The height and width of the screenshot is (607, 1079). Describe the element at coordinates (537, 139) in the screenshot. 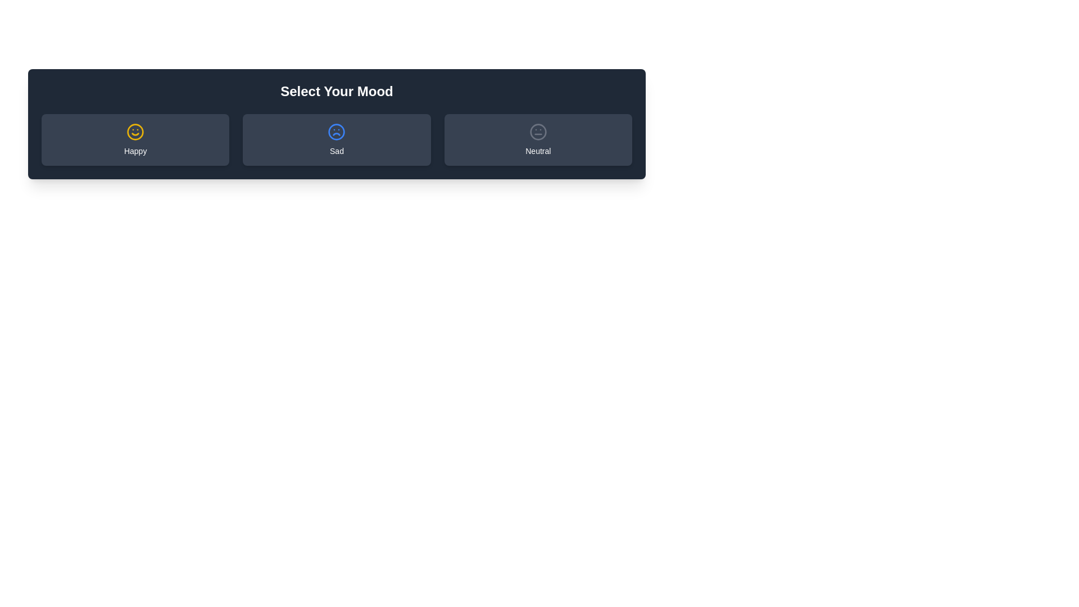

I see `the mood button labeled Neutral` at that location.